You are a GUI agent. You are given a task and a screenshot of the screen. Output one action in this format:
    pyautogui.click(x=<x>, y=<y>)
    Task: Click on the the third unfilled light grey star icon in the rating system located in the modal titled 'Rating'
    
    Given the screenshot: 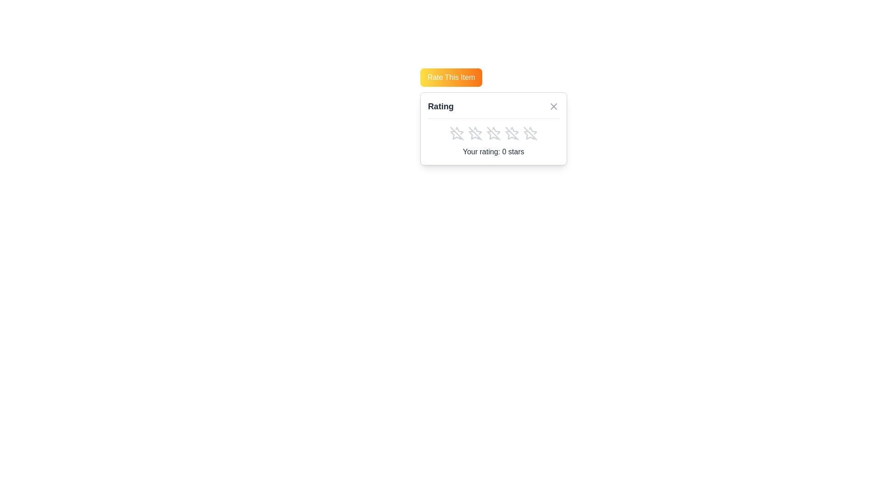 What is the action you would take?
    pyautogui.click(x=493, y=133)
    